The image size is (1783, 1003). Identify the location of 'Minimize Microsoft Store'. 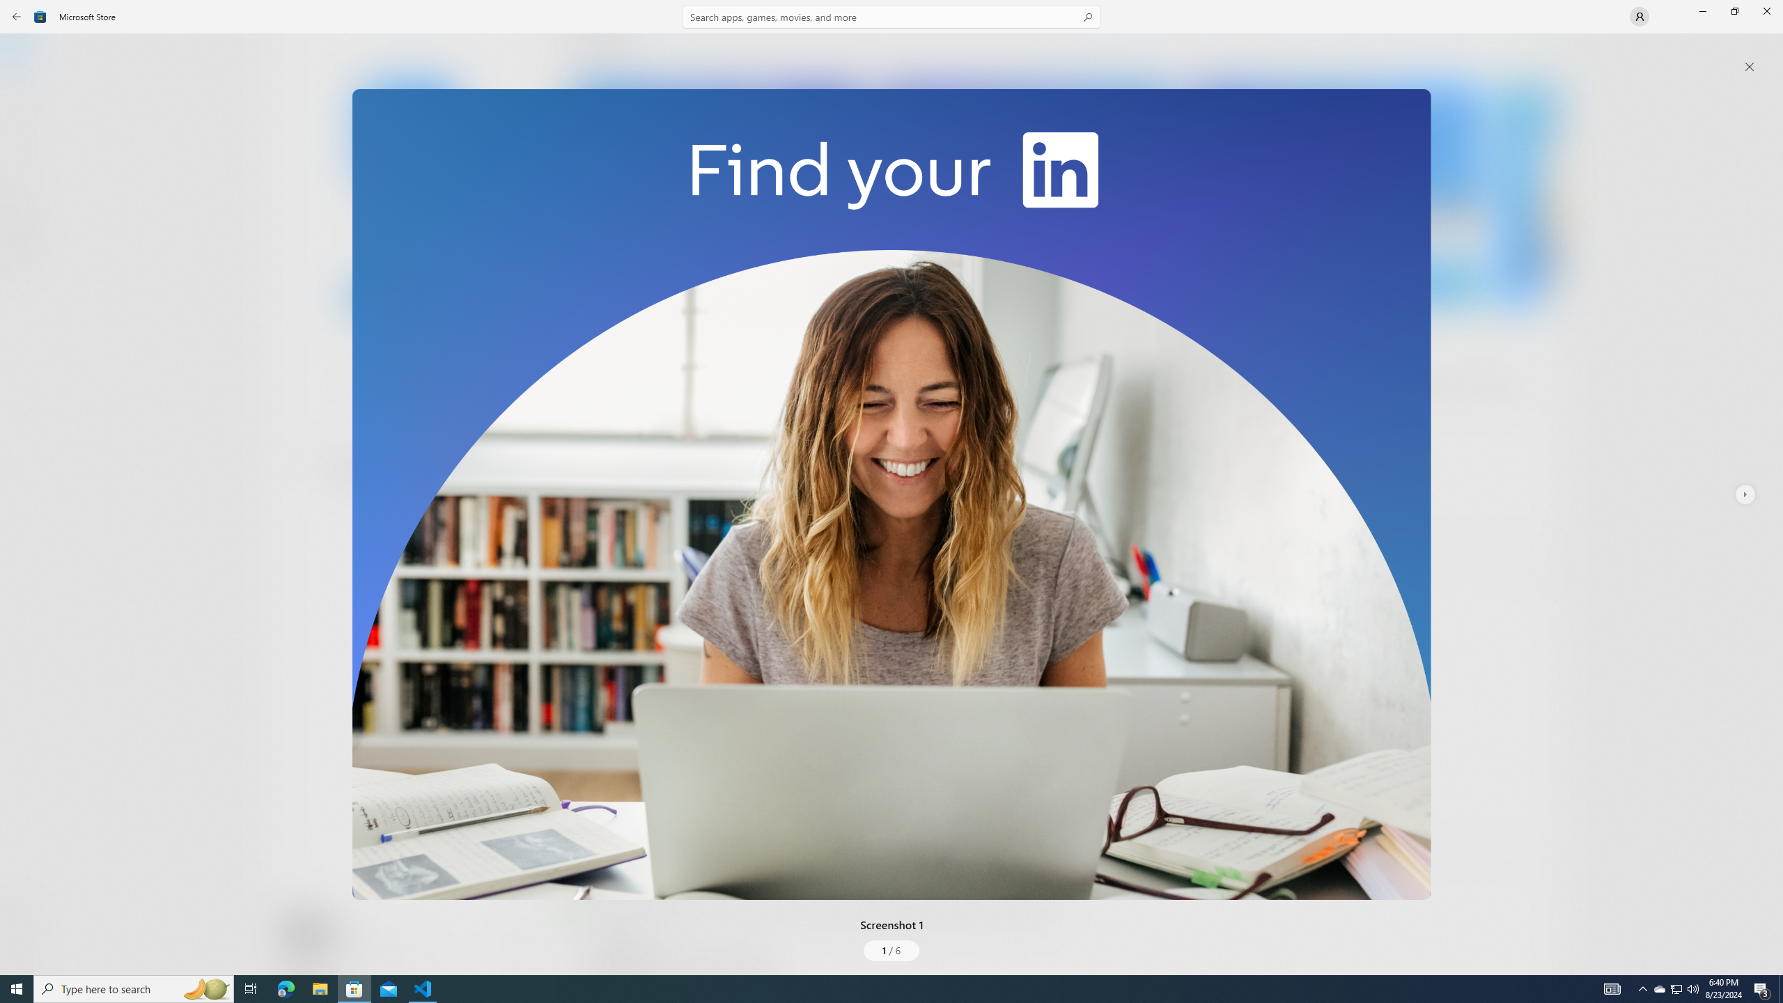
(1702, 10).